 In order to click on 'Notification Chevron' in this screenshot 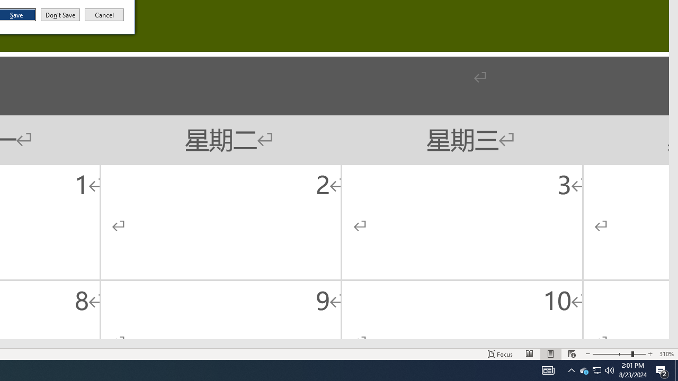, I will do `click(571, 369)`.